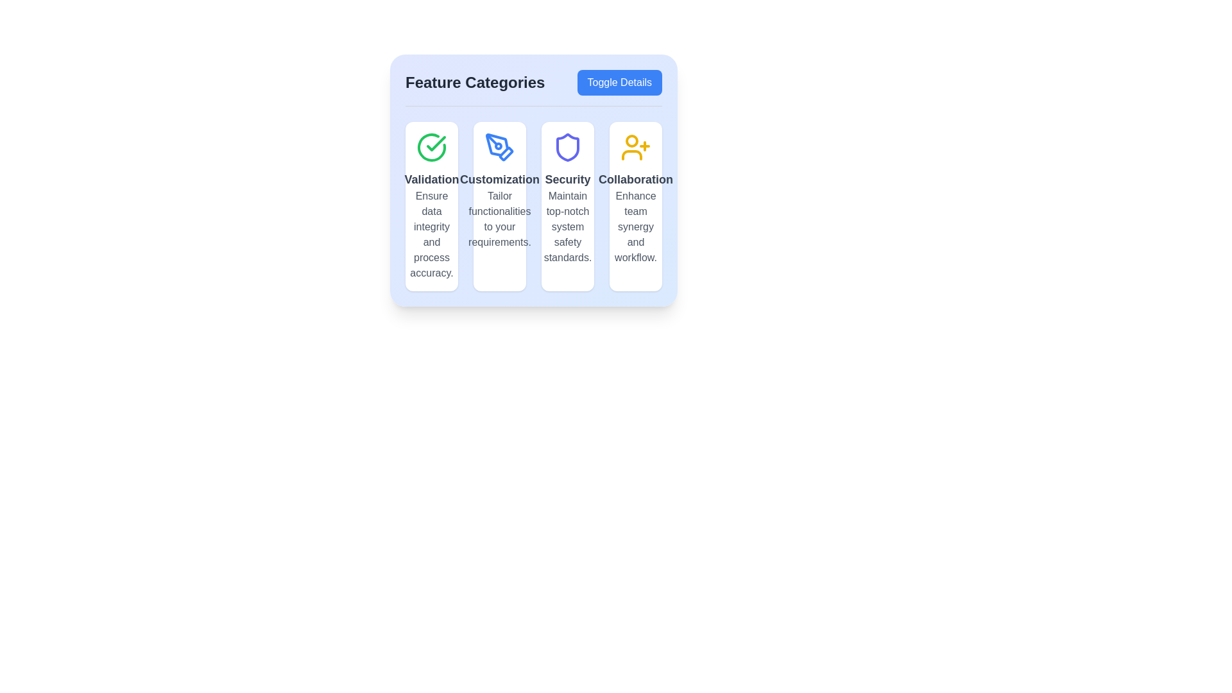 Image resolution: width=1232 pixels, height=693 pixels. What do you see at coordinates (635, 205) in the screenshot?
I see `description of the Informational Card that conveys information about collaboration benefits, which is the fourth card in a row of similar feature cards, aligned horizontally and positioned as the rightmost card in its row` at bounding box center [635, 205].